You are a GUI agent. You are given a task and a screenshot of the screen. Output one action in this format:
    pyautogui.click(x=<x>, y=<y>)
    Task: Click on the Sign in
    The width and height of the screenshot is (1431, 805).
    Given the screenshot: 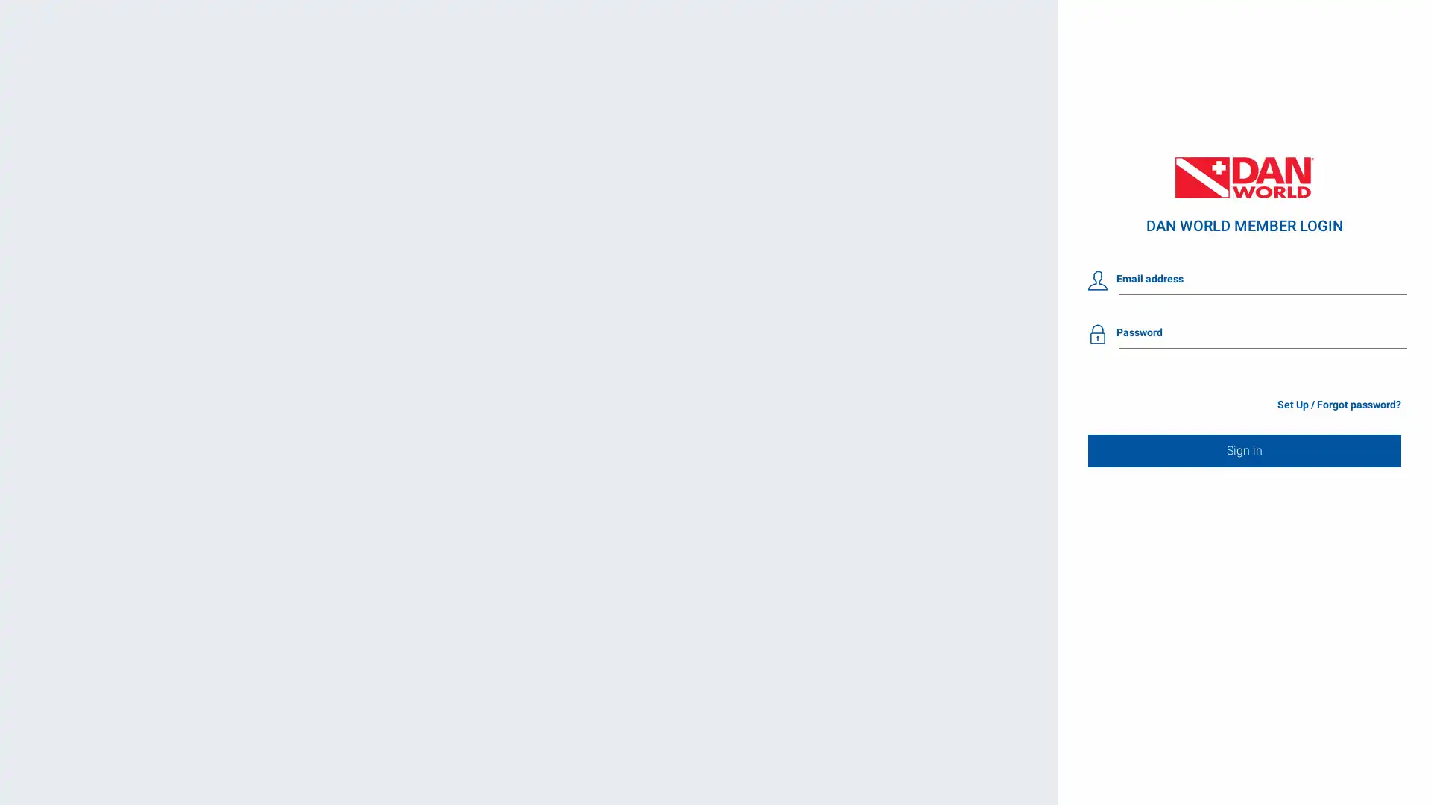 What is the action you would take?
    pyautogui.click(x=1245, y=450)
    